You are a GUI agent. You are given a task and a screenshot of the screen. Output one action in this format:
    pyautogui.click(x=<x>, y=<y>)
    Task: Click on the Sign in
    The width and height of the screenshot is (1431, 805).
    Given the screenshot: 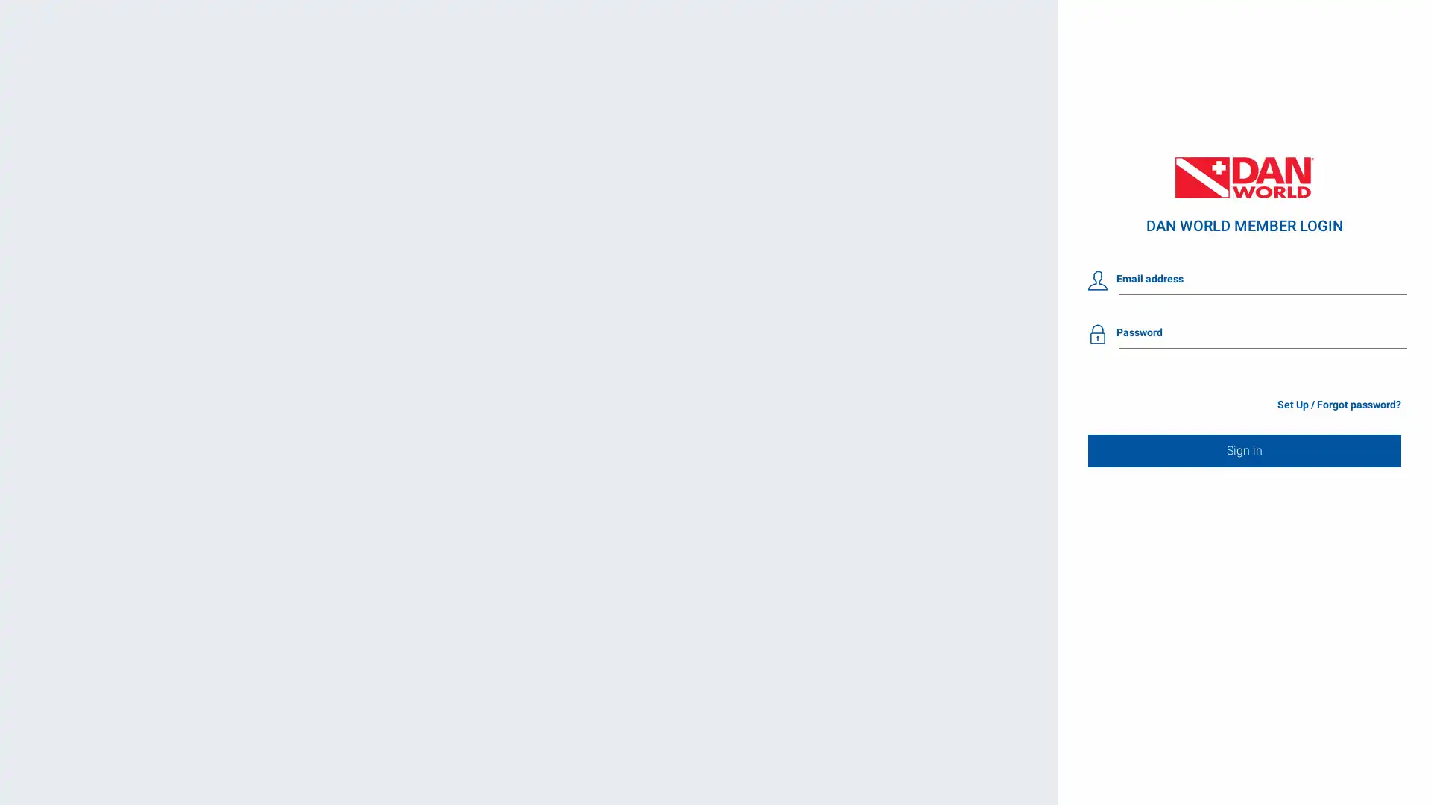 What is the action you would take?
    pyautogui.click(x=1245, y=450)
    